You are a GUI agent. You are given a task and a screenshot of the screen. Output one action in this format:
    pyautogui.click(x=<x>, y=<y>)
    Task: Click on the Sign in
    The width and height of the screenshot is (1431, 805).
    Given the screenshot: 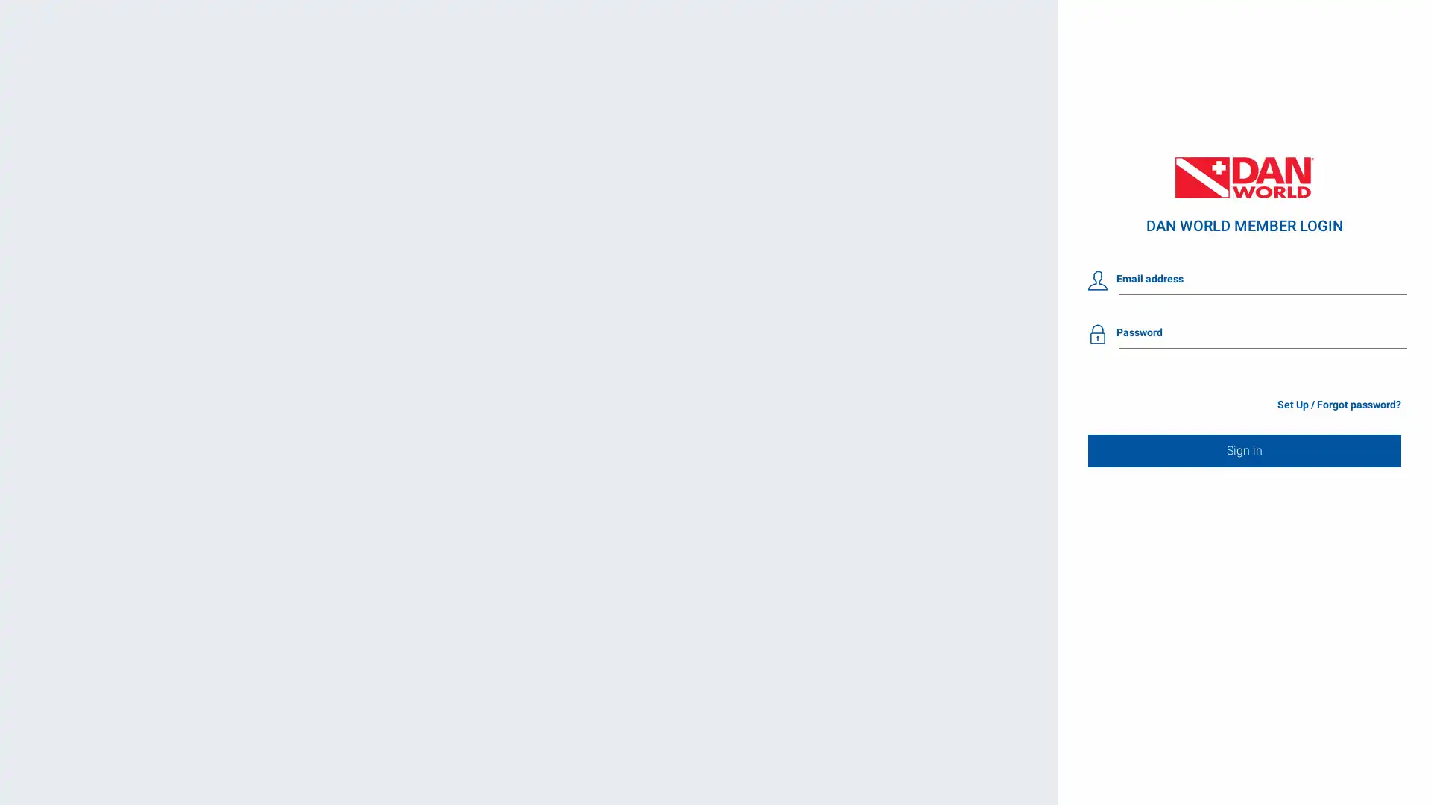 What is the action you would take?
    pyautogui.click(x=1245, y=450)
    